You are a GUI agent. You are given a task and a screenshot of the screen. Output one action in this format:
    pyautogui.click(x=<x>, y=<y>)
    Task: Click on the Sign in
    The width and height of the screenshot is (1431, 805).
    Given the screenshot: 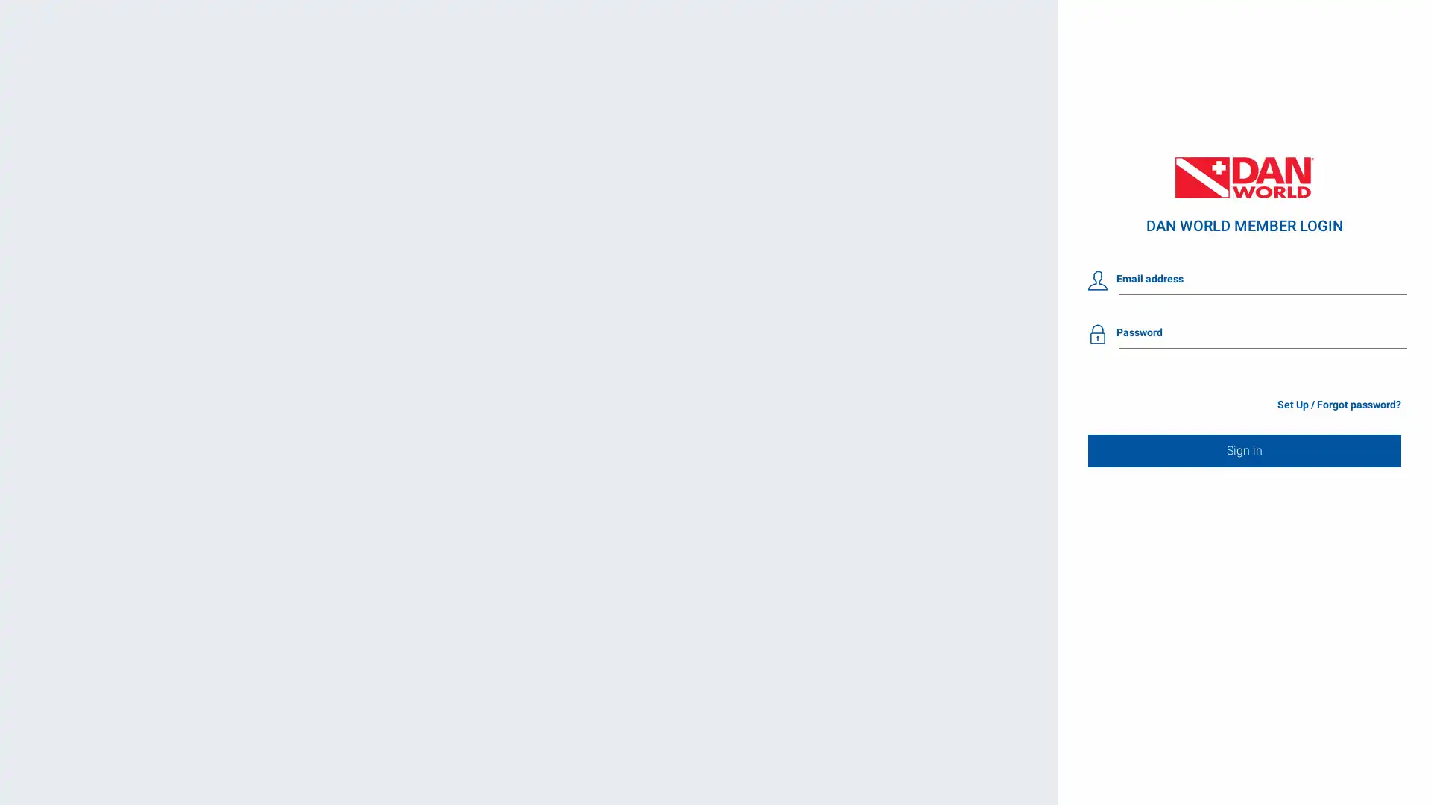 What is the action you would take?
    pyautogui.click(x=1245, y=450)
    